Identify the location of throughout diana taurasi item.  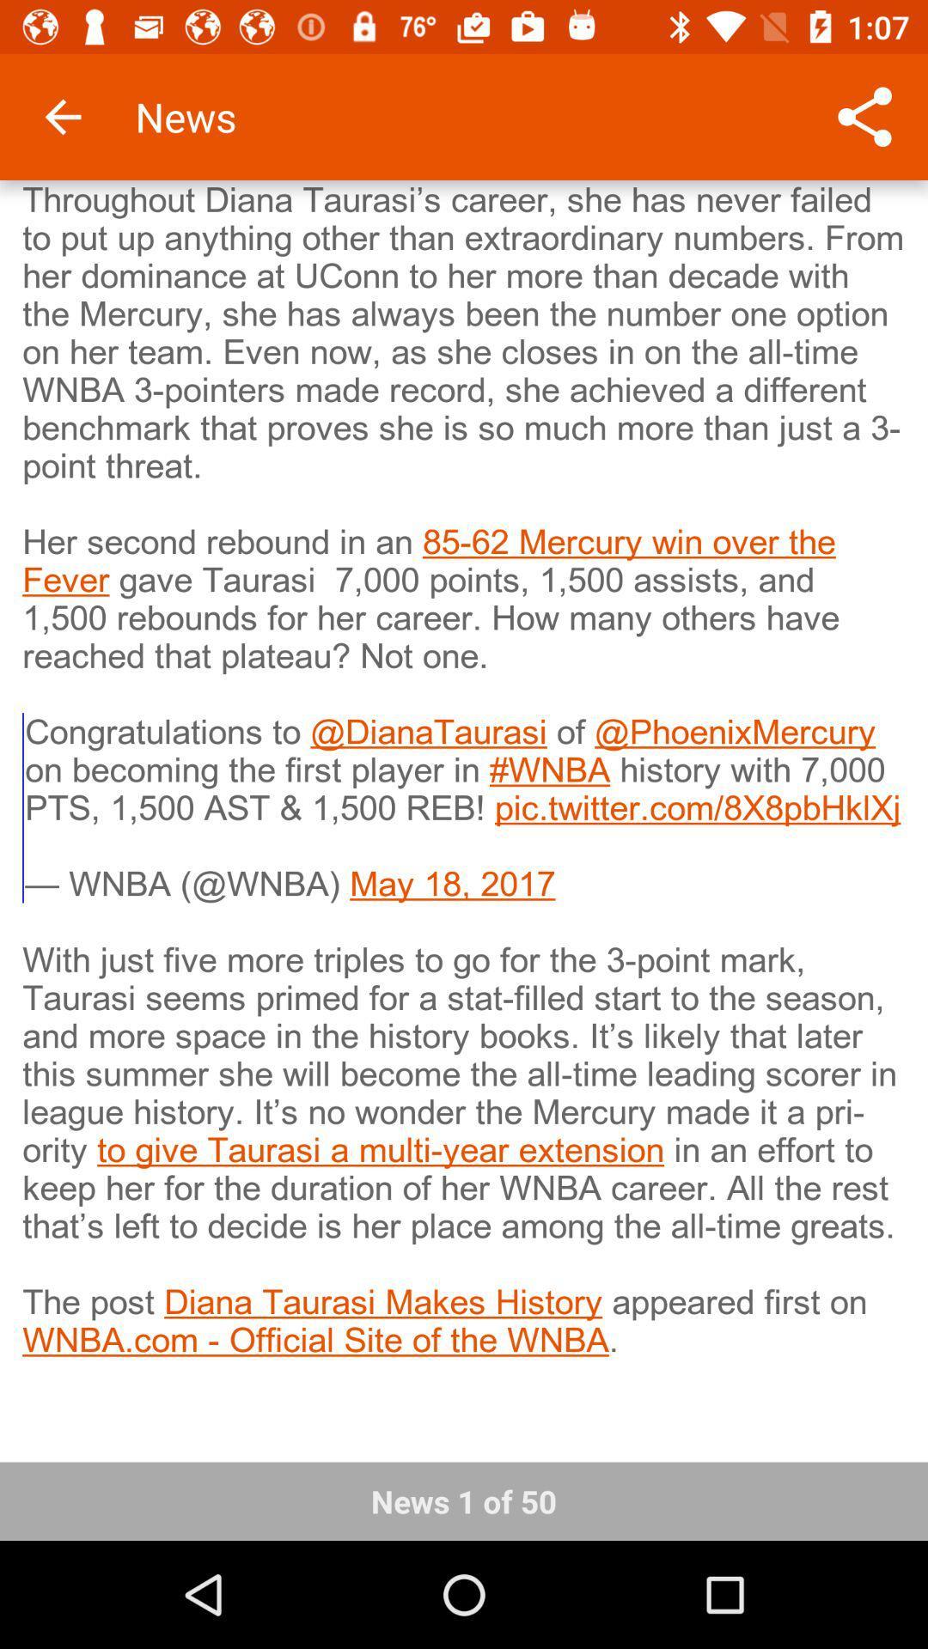
(464, 809).